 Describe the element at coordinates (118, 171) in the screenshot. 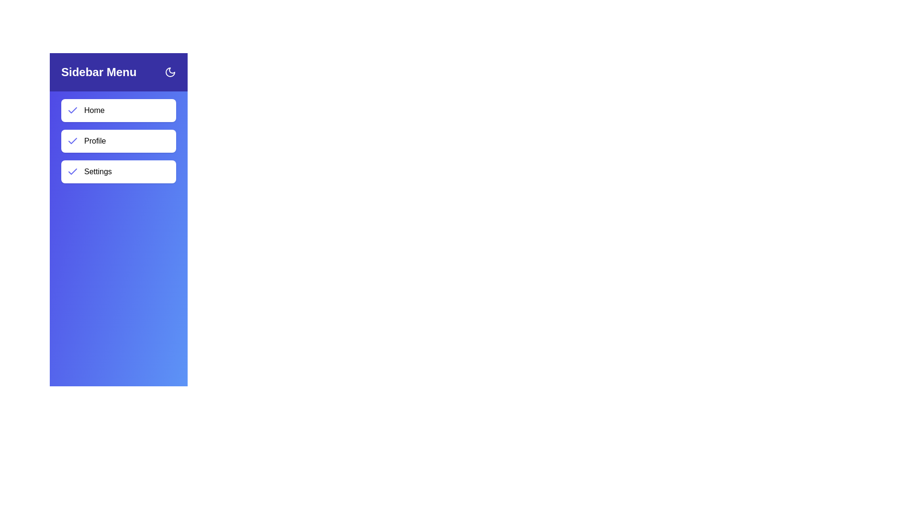

I see `the menu item labeled Settings to observe visual feedback` at that location.